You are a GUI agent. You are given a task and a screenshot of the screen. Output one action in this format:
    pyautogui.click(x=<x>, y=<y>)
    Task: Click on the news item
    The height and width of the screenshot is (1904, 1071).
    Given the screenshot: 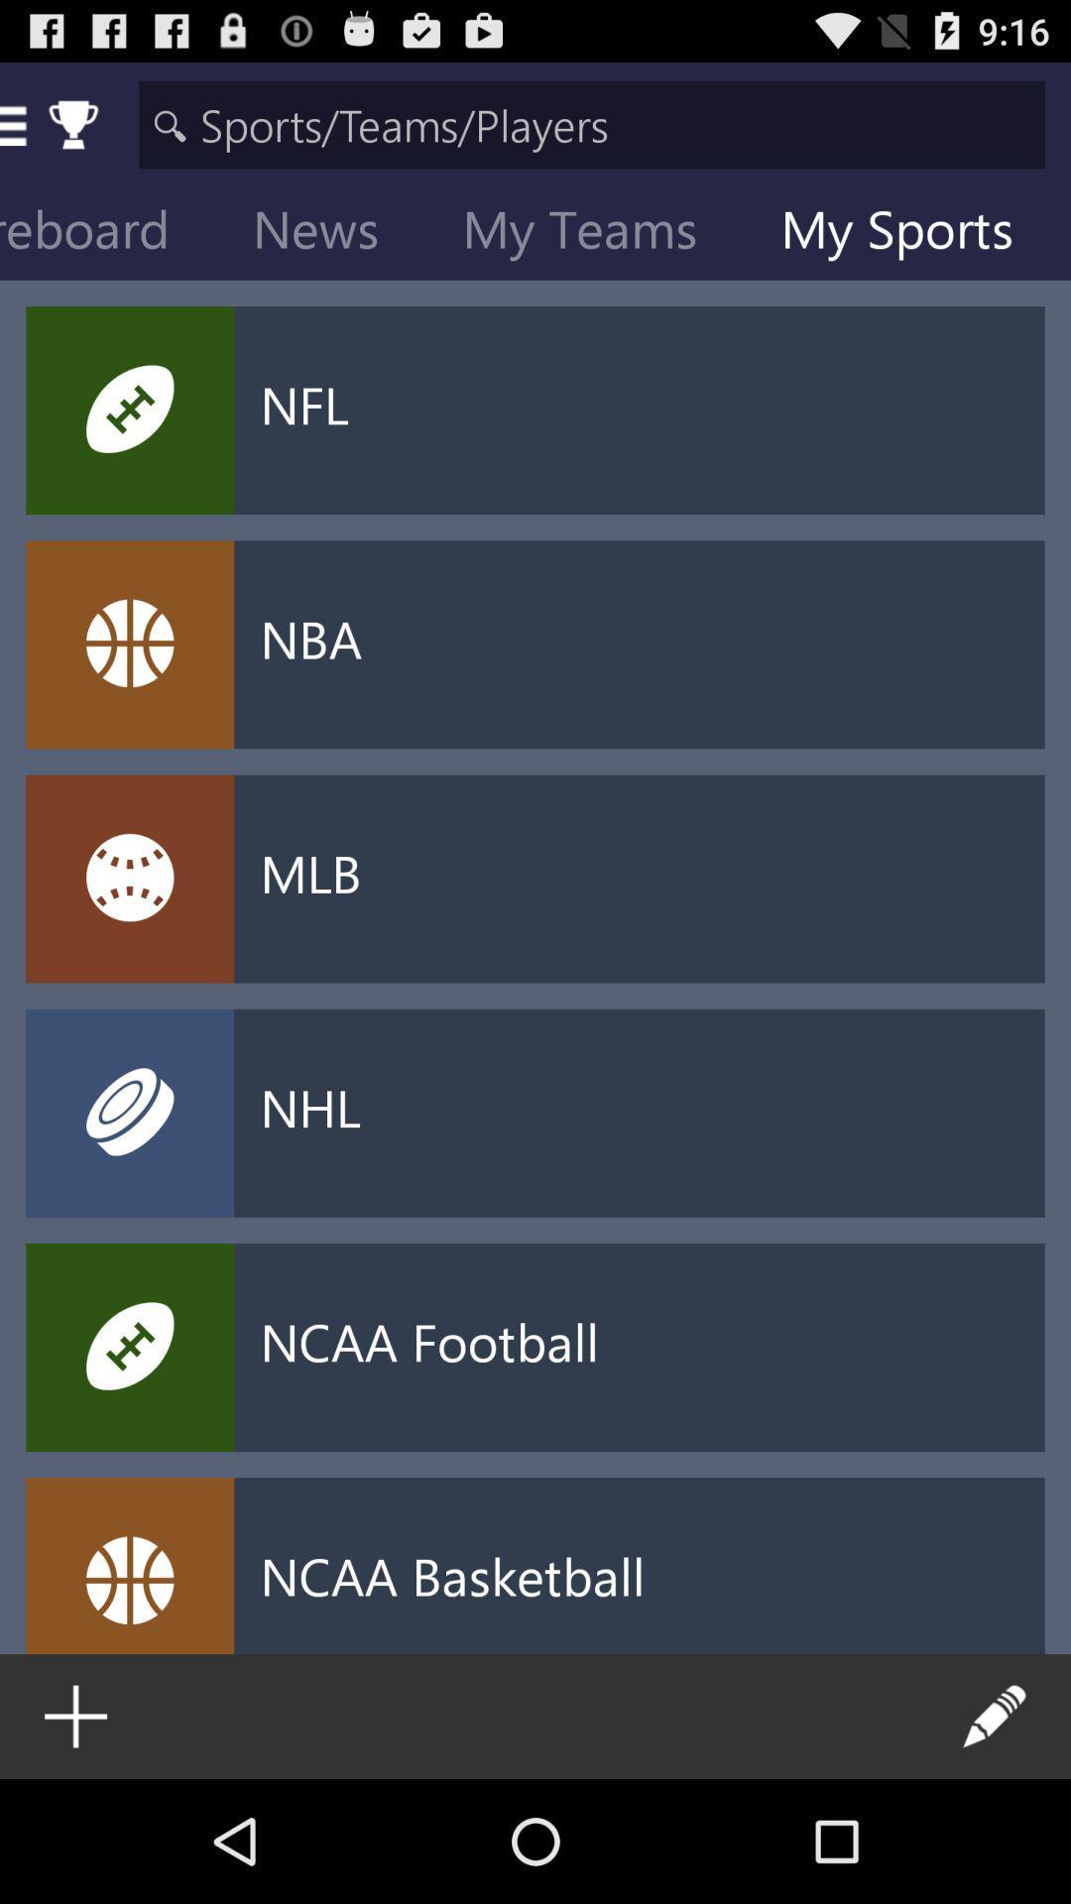 What is the action you would take?
    pyautogui.click(x=330, y=233)
    